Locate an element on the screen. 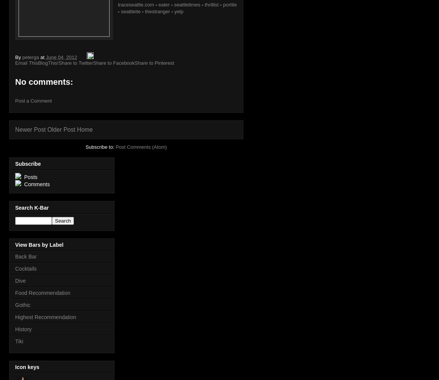 This screenshot has width=439, height=380. 'Subscribe to:' is located at coordinates (85, 146).